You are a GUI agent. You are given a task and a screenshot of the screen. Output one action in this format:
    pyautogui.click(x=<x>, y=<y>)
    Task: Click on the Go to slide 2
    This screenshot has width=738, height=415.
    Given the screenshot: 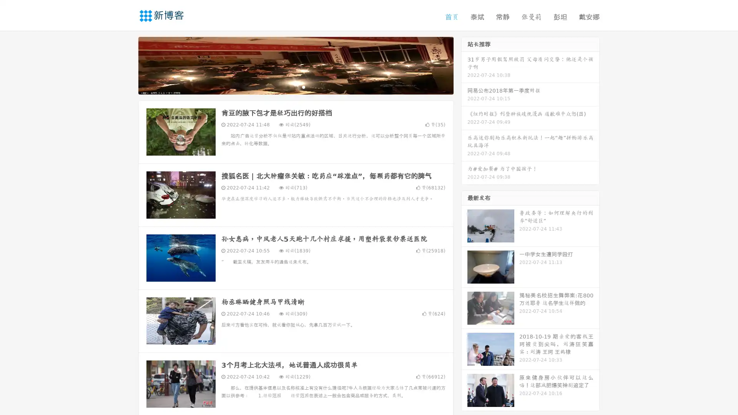 What is the action you would take?
    pyautogui.click(x=295, y=86)
    